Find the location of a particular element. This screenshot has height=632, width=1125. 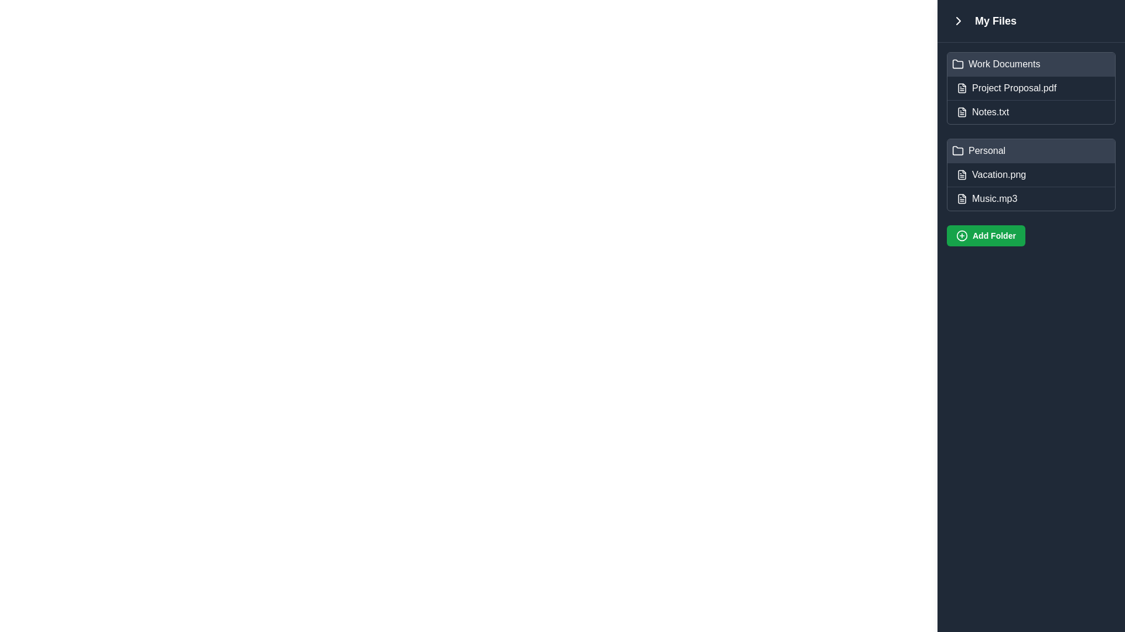

the icon resembling a circle with a plus sign inside, located on the left side of the 'Add Folder' button at the bottom of the sidebar interface is located at coordinates (962, 235).